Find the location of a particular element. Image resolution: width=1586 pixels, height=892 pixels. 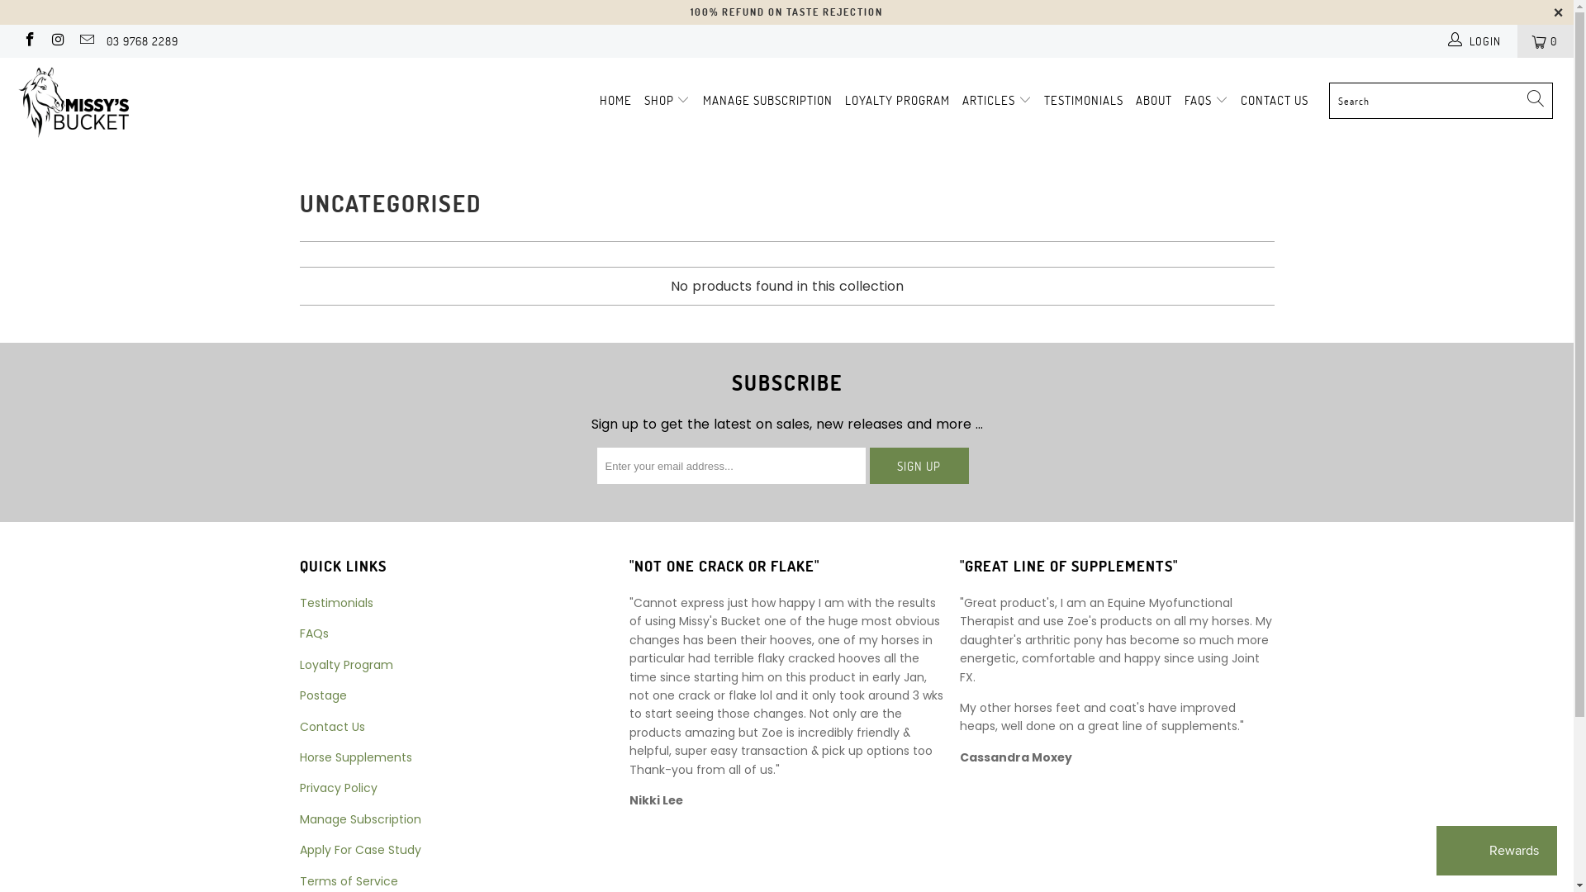

'Loyalty Program' is located at coordinates (298, 664).